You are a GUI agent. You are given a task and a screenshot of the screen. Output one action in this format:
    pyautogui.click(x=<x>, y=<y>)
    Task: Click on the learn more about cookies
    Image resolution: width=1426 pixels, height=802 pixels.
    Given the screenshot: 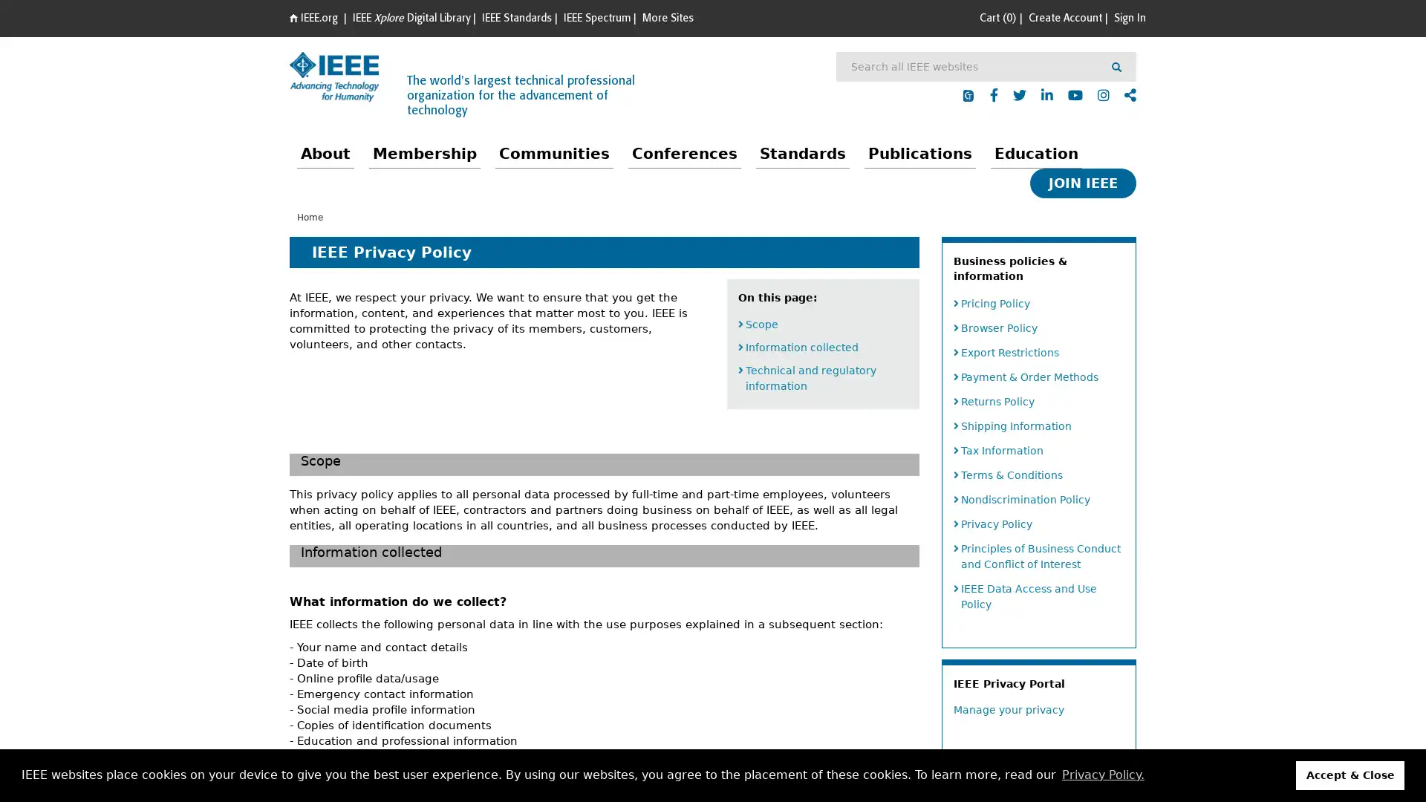 What is the action you would take?
    pyautogui.click(x=1102, y=775)
    